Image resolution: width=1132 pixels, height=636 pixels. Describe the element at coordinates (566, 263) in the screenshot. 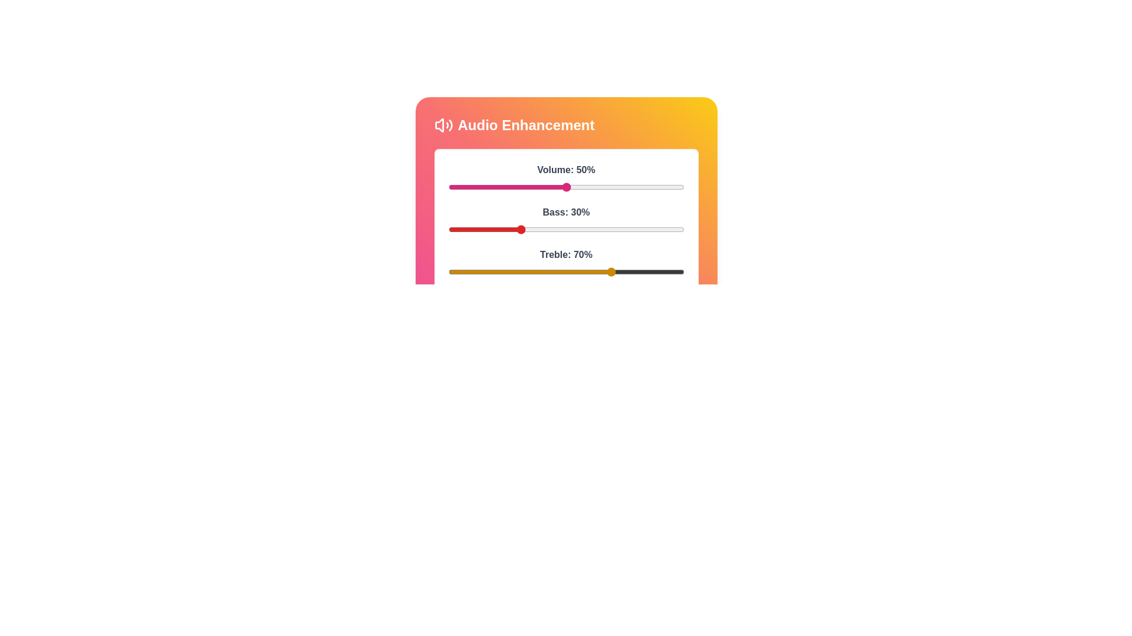

I see `the treble slider, labeled 'Treble: 70%'` at that location.